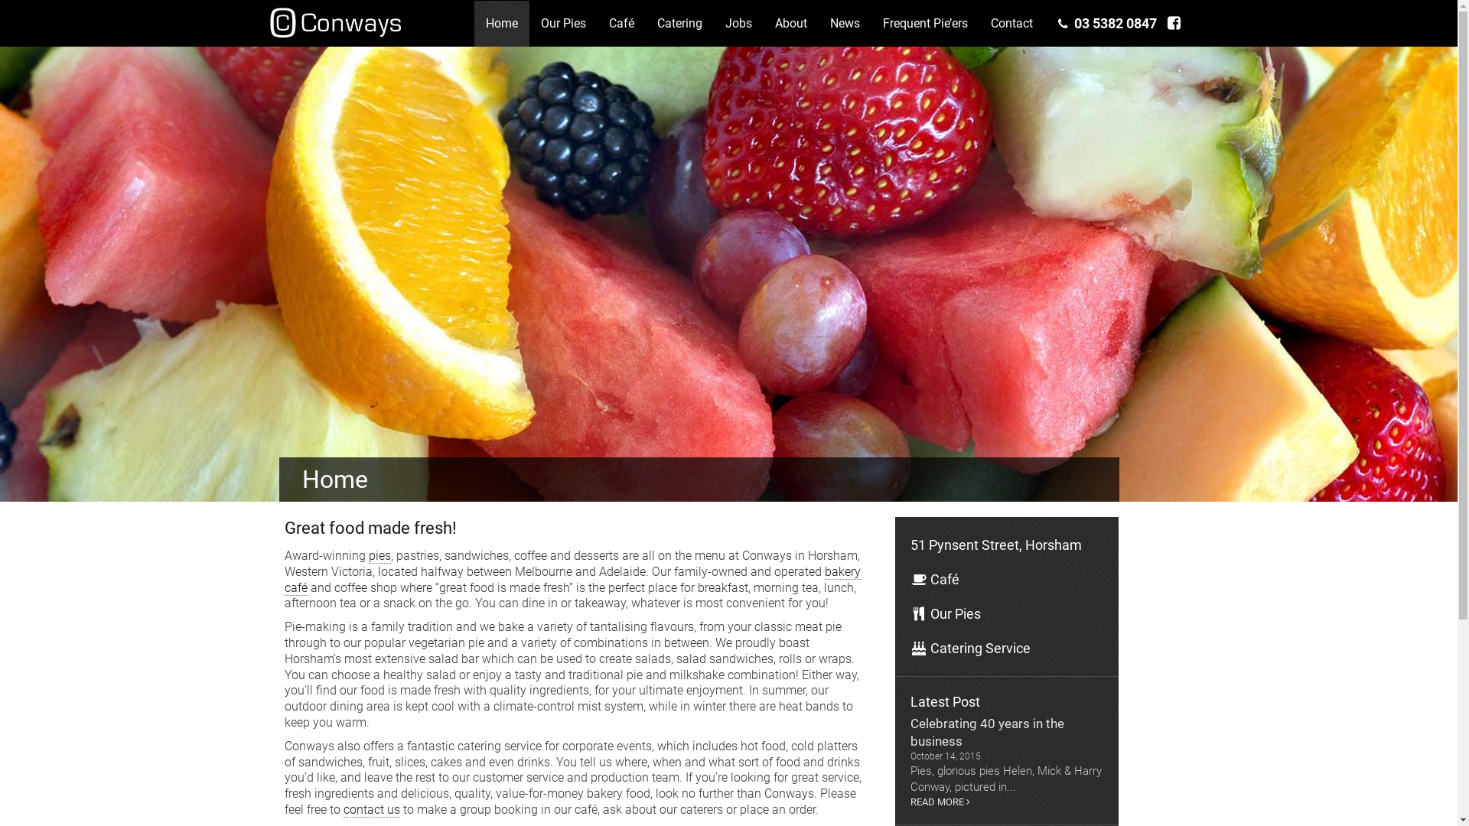 This screenshot has width=1469, height=826. What do you see at coordinates (1006, 613) in the screenshot?
I see `'Our Pies'` at bounding box center [1006, 613].